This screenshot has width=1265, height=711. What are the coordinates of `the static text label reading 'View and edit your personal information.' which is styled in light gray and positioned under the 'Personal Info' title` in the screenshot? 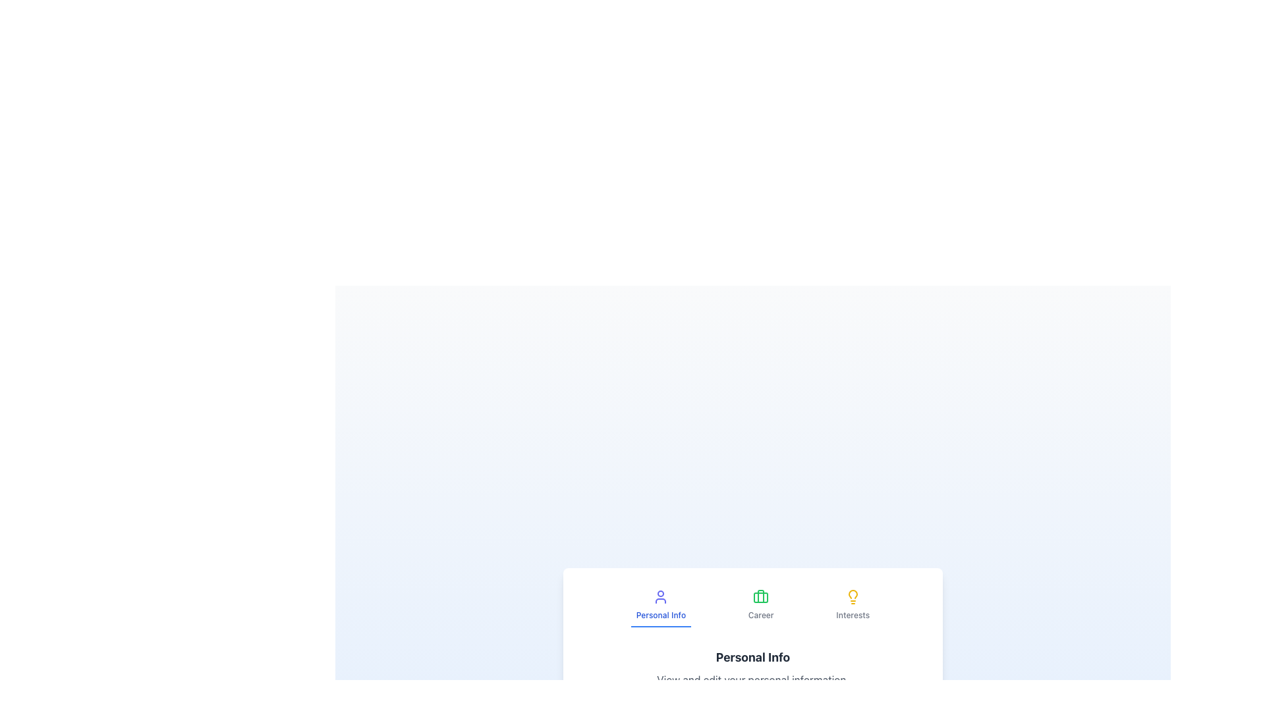 It's located at (752, 680).